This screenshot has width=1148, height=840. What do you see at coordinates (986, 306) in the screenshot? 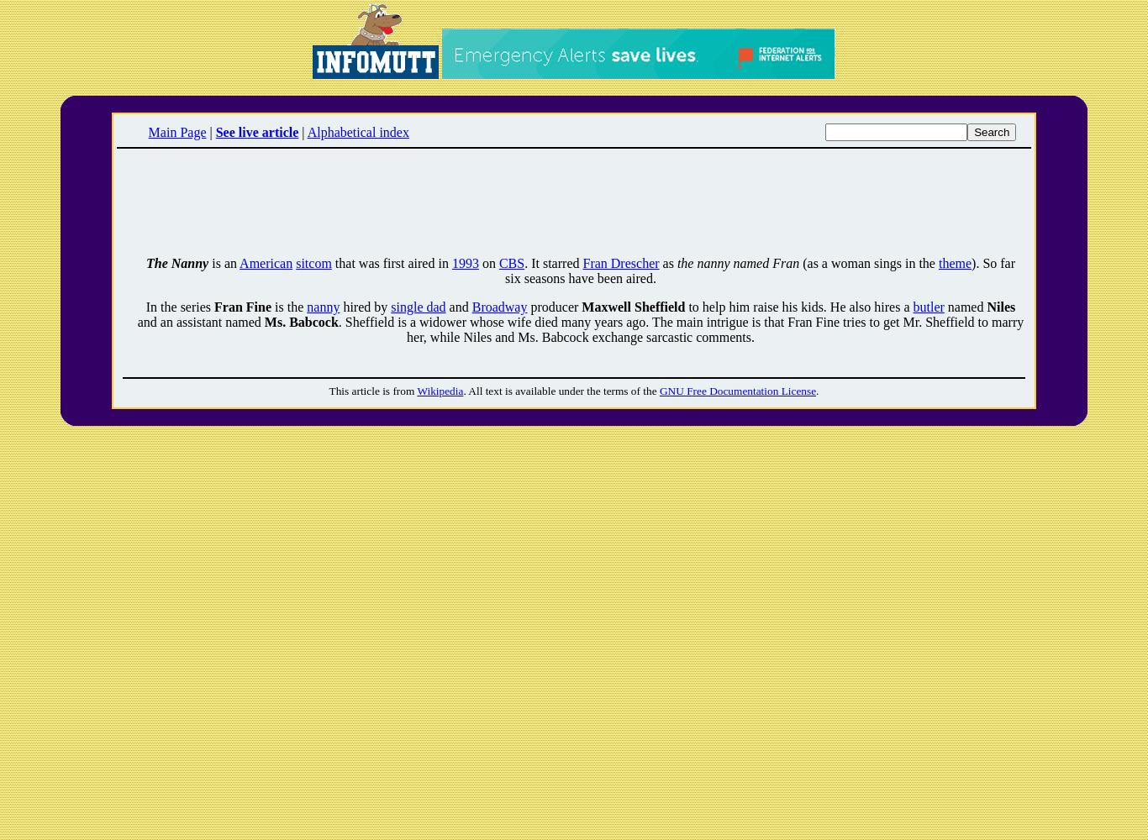
I see `'Niles'` at bounding box center [986, 306].